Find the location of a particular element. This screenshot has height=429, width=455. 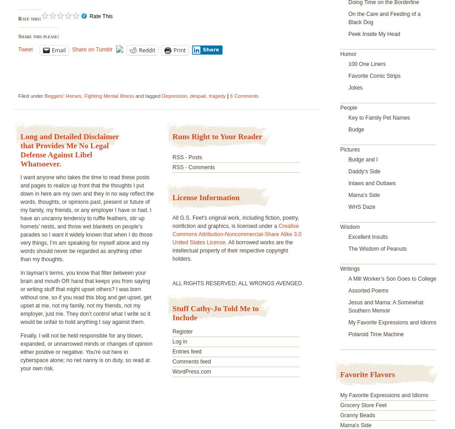

'Rate this:' is located at coordinates (18, 19).